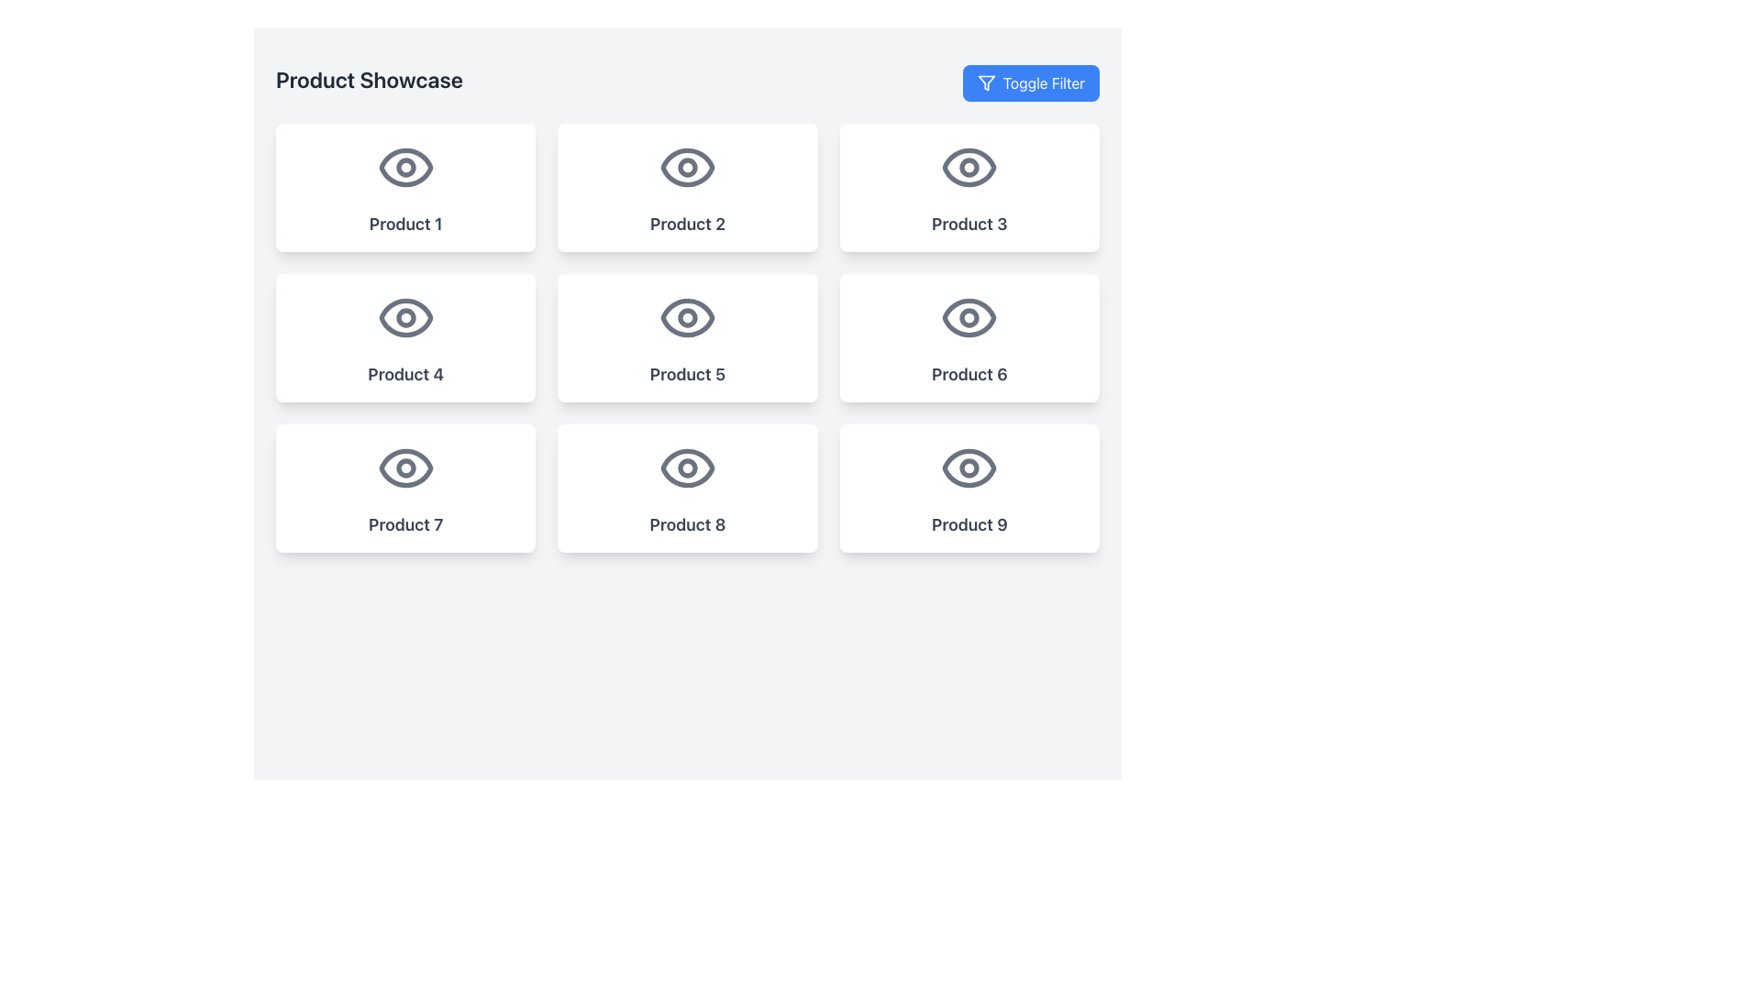  What do you see at coordinates (404, 317) in the screenshot?
I see `the eye-shaped icon rendered in gray located at the top of the 'Product 4' card` at bounding box center [404, 317].